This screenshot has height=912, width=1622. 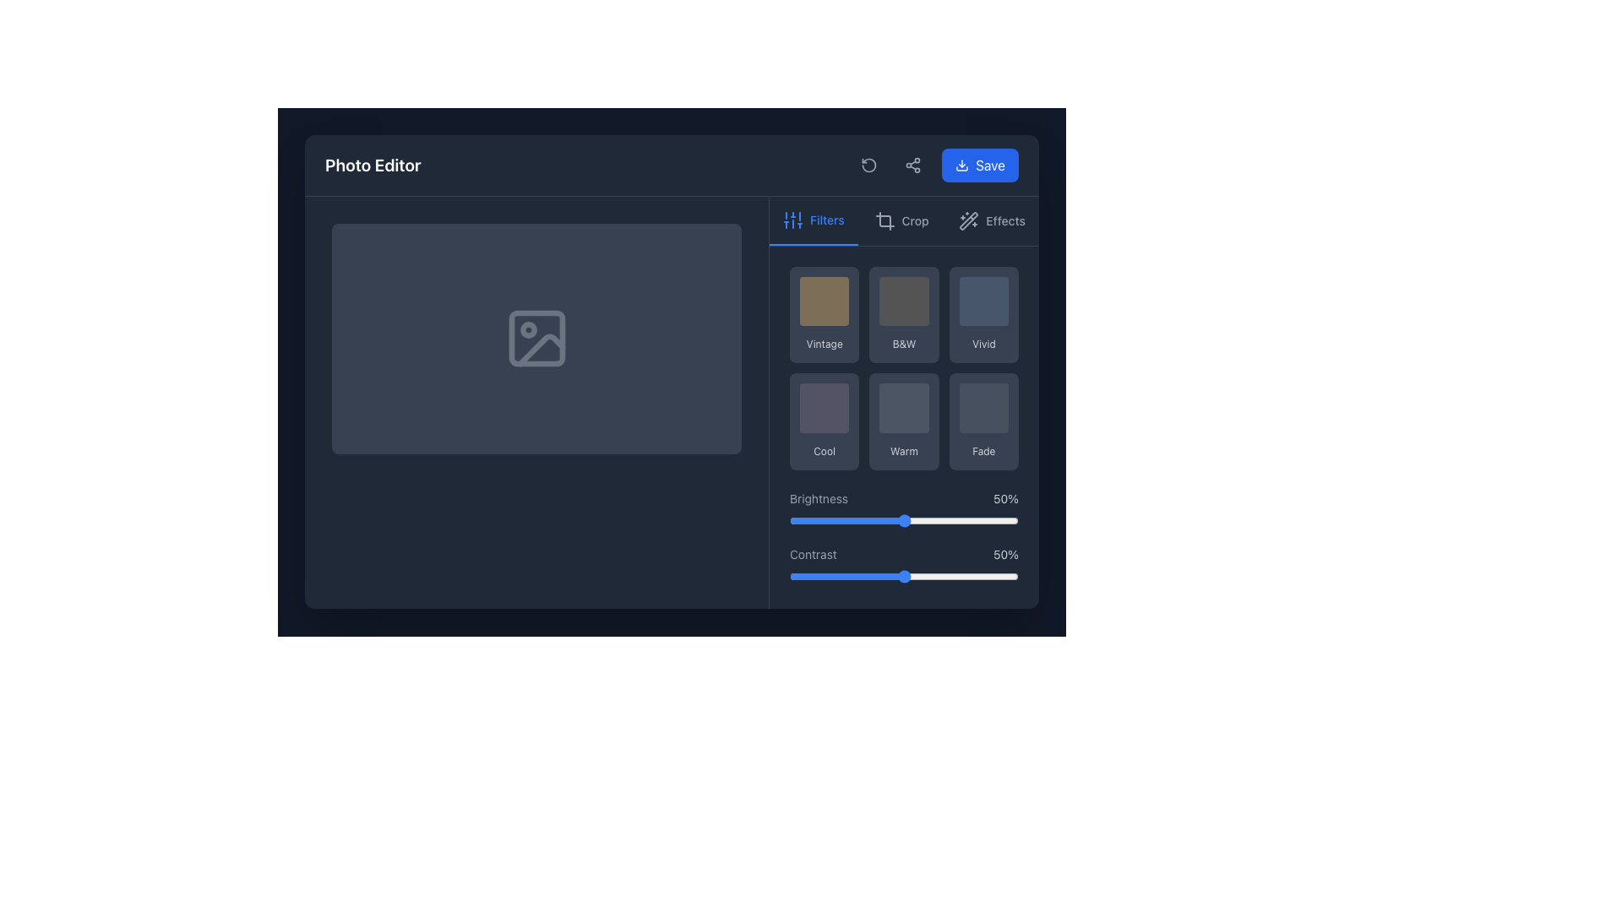 I want to click on the share icon button, which is a small dark gray icon resembling a share symbol located on the right side of the toolbar, next to the 'Save' button, so click(x=912, y=166).